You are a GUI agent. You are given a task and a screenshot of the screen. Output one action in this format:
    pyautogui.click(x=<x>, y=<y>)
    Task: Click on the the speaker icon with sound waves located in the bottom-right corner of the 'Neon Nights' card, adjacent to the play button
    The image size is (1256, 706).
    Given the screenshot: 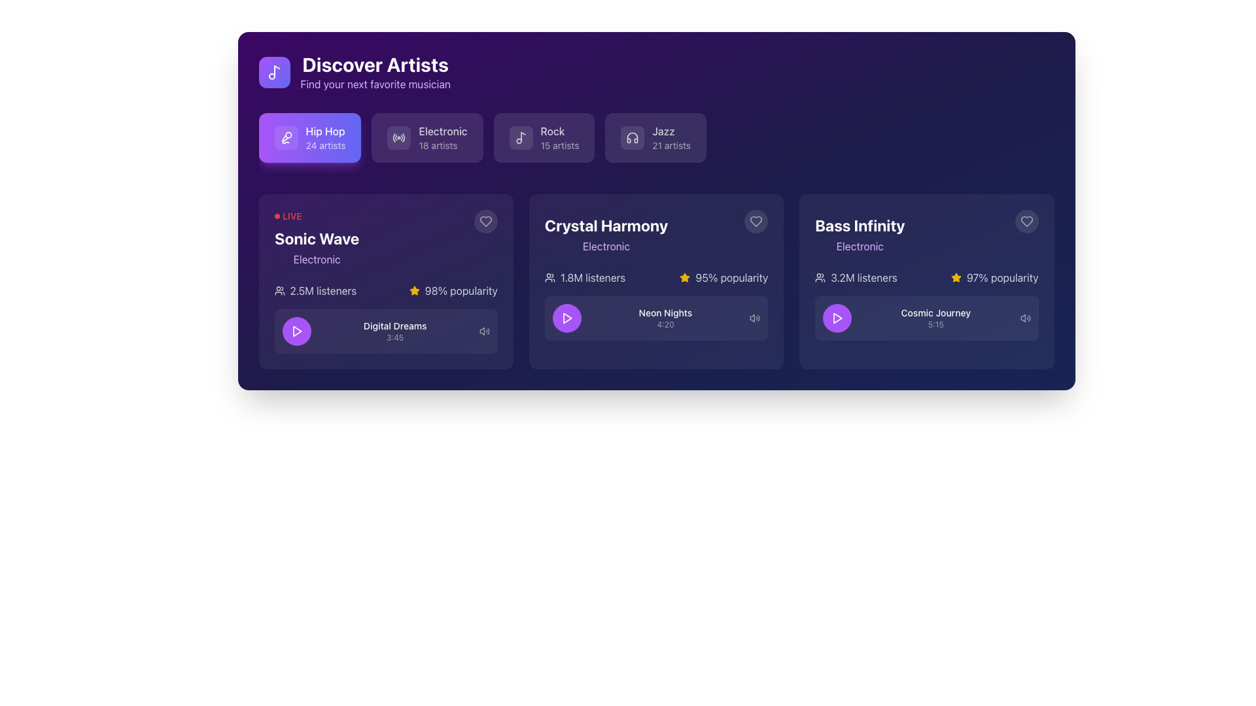 What is the action you would take?
    pyautogui.click(x=755, y=318)
    